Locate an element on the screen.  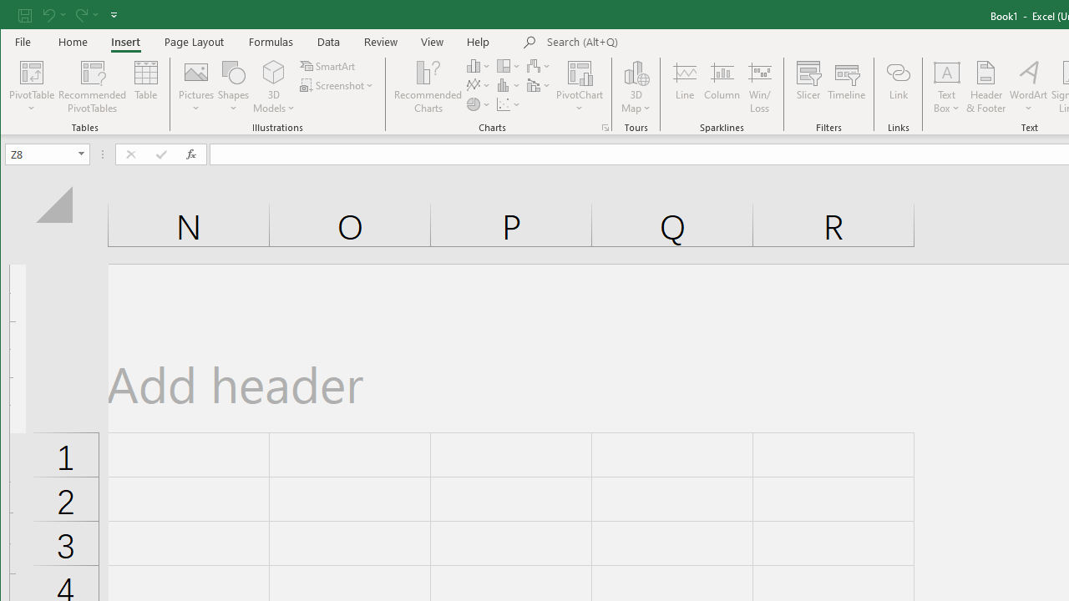
'Text Box' is located at coordinates (947, 87).